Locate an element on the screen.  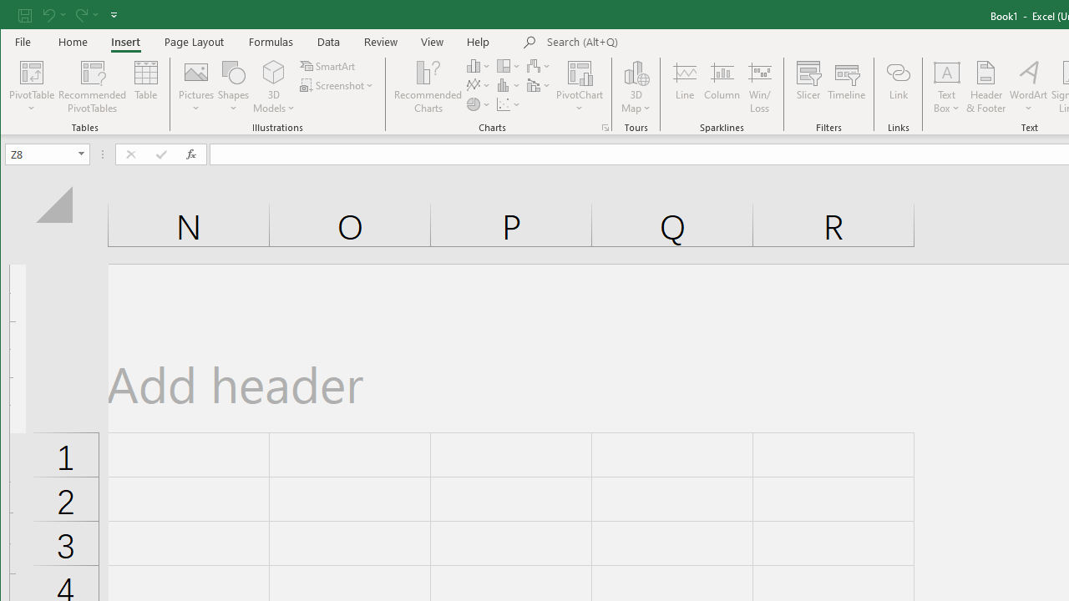
'Text Box' is located at coordinates (947, 87).